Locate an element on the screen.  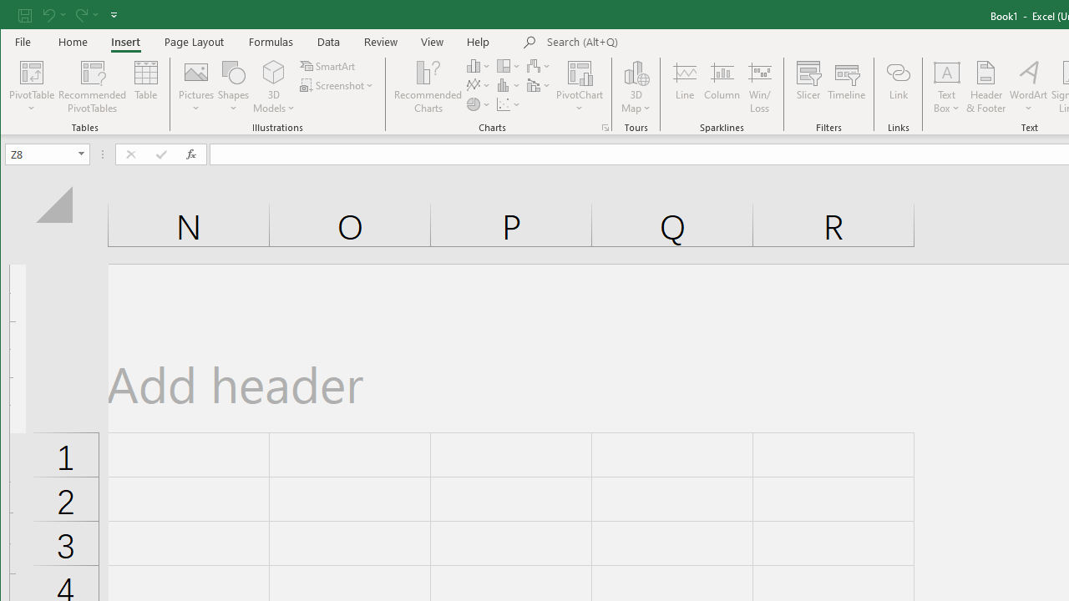
'Text Box' is located at coordinates (947, 87).